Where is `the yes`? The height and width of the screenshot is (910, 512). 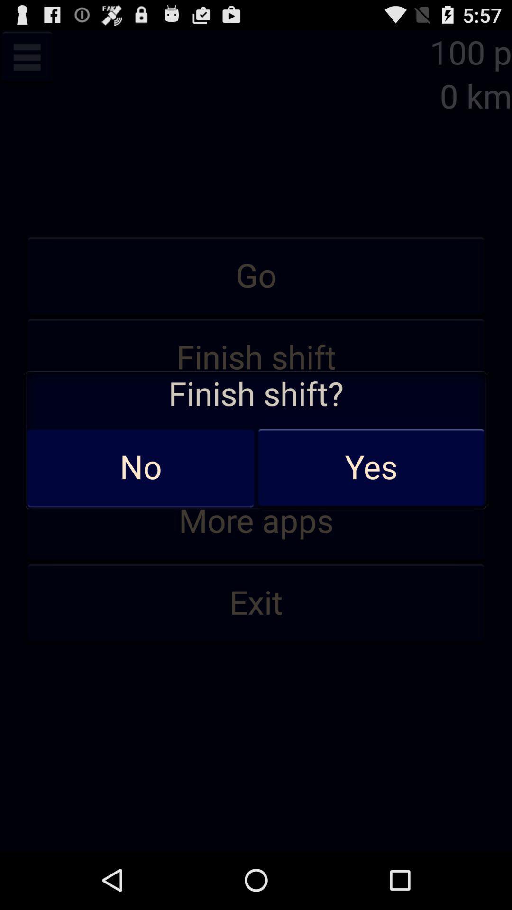 the yes is located at coordinates (371, 468).